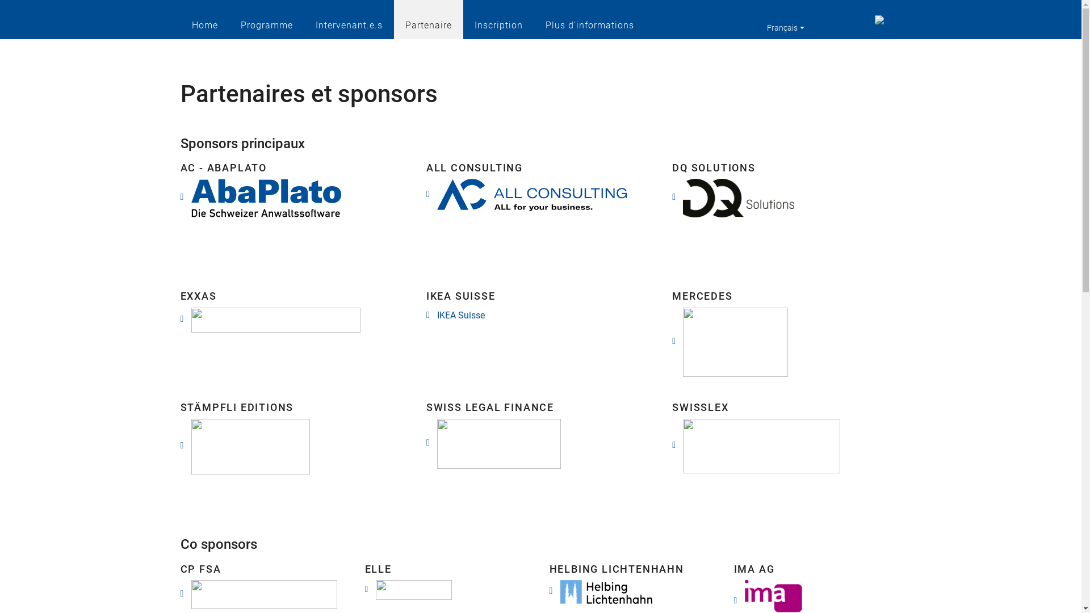 The image size is (1090, 613). I want to click on 'Partenaire', so click(427, 19).